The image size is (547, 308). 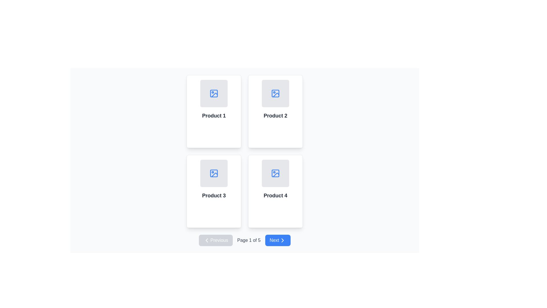 What do you see at coordinates (276, 94) in the screenshot?
I see `bottom portion of the SVG icon in the 'Product 2' card located in the top-right of the layout using developer tools` at bounding box center [276, 94].